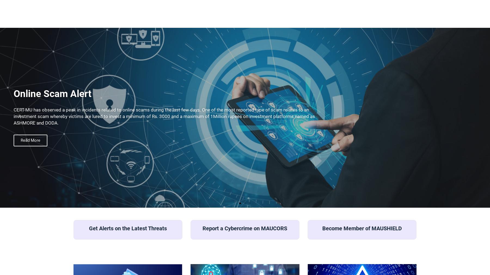  What do you see at coordinates (426, 13) in the screenshot?
I see `'Resources'` at bounding box center [426, 13].